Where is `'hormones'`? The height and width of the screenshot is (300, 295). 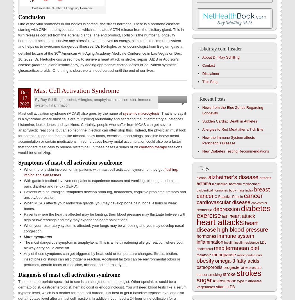 'hormones' is located at coordinates (206, 236).